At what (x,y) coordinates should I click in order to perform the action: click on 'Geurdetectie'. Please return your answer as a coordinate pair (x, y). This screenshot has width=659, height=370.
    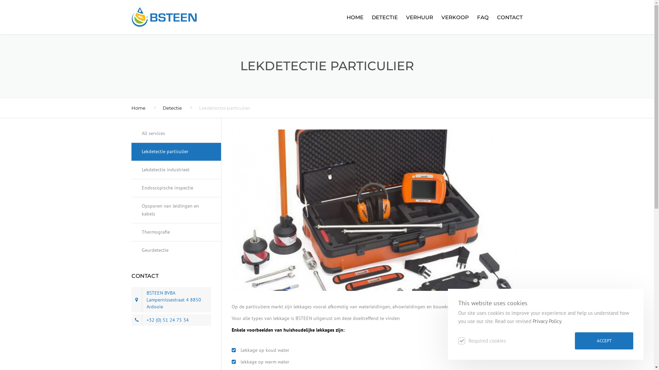
    Looking at the image, I should click on (176, 250).